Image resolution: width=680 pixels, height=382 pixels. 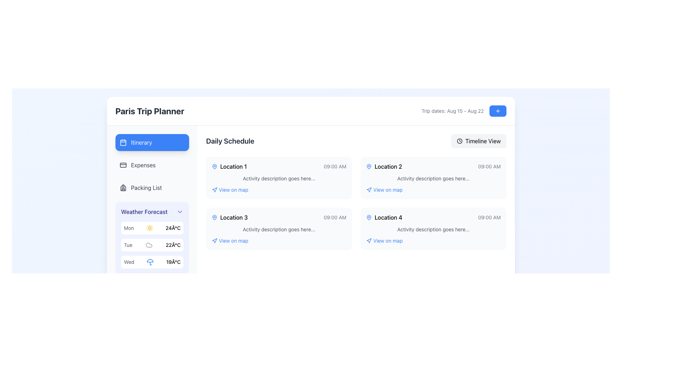 I want to click on the first informational card located in the top left of the Daily Schedule section of the interface, so click(x=278, y=177).